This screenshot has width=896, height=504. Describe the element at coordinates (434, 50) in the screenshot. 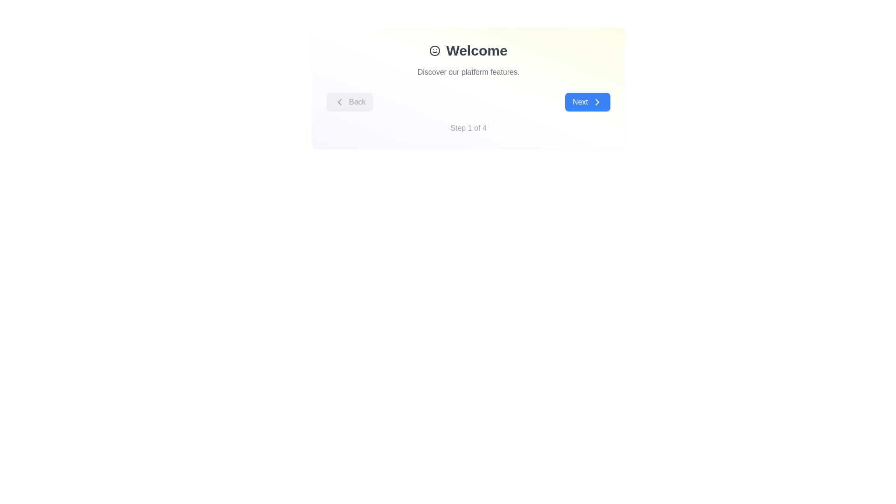

I see `the small circular smiley face icon located to the left of the 'Welcome' text at the top of the interface` at that location.